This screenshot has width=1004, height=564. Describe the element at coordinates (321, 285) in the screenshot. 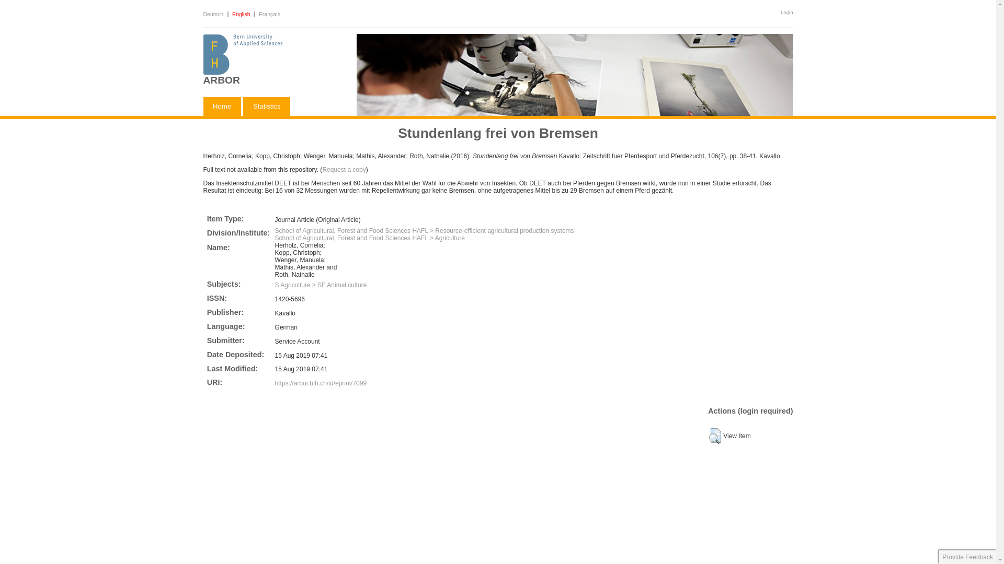

I see `'S Agriculture > SF Animal culture'` at that location.